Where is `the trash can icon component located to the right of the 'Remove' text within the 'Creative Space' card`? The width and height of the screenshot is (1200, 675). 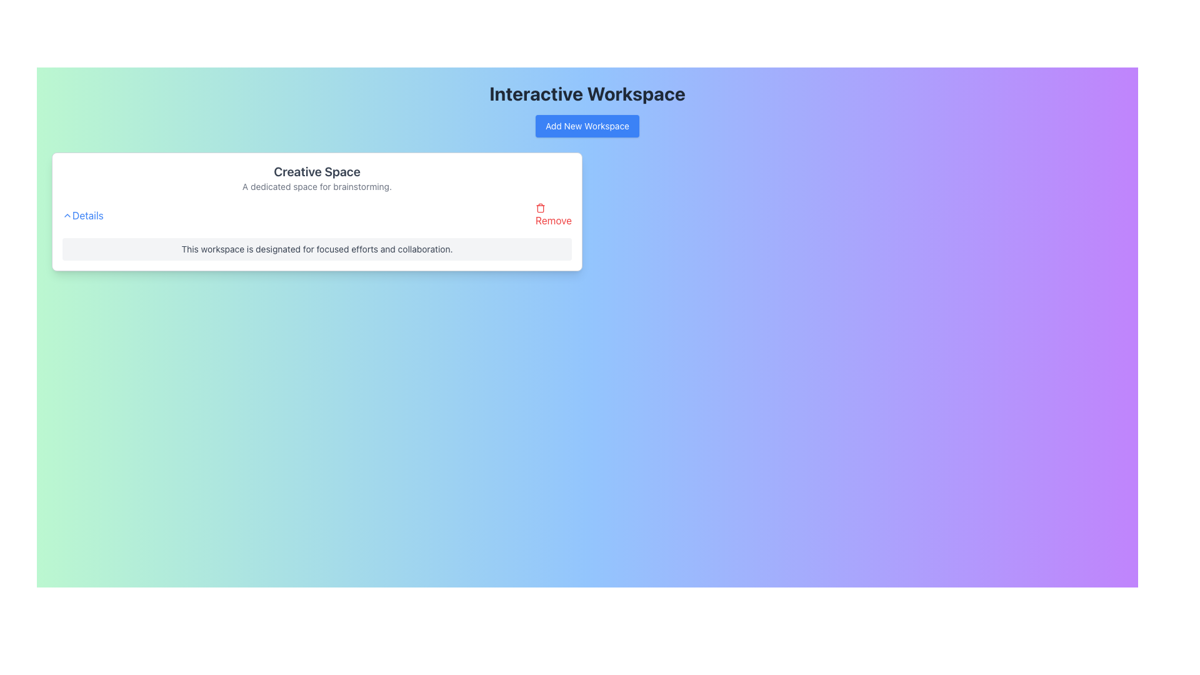
the trash can icon component located to the right of the 'Remove' text within the 'Creative Space' card is located at coordinates (540, 208).